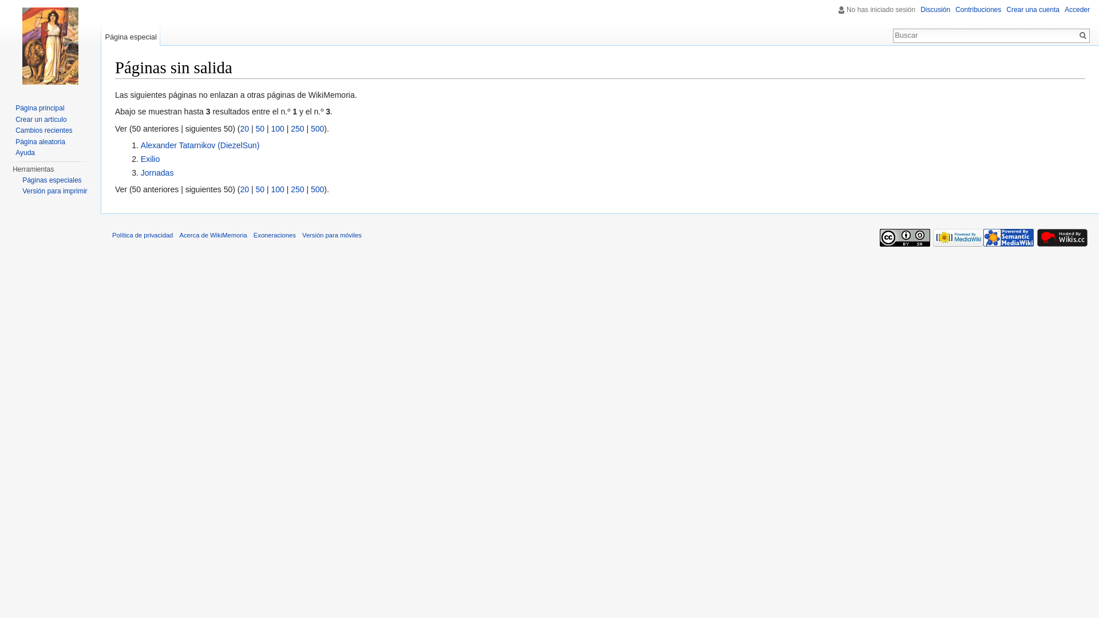  Describe the element at coordinates (156, 172) in the screenshot. I see `'Jornadas'` at that location.